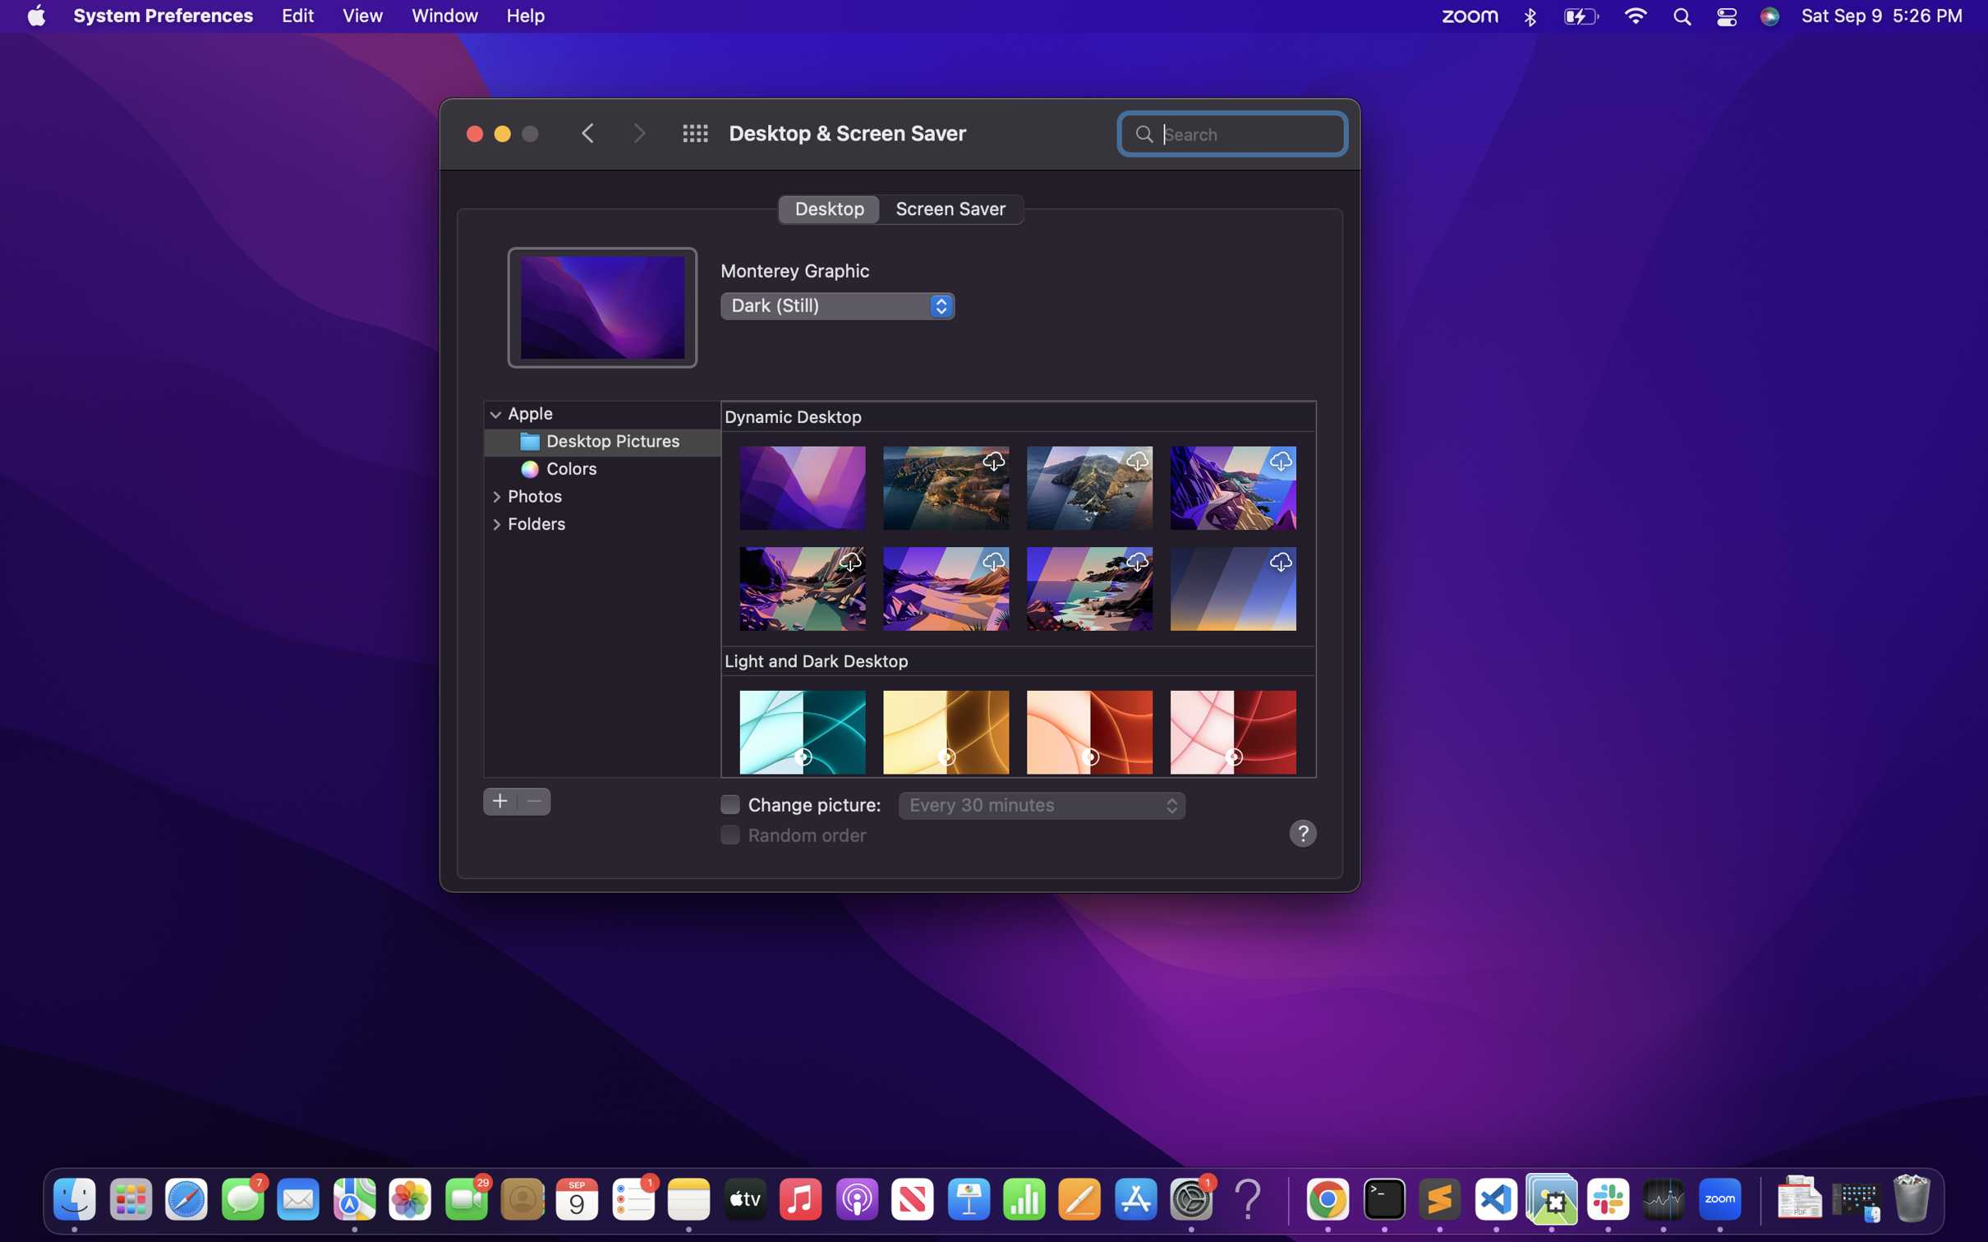 Image resolution: width=1988 pixels, height=1242 pixels. What do you see at coordinates (836, 304) in the screenshot?
I see `Switch the color scheme to light mode` at bounding box center [836, 304].